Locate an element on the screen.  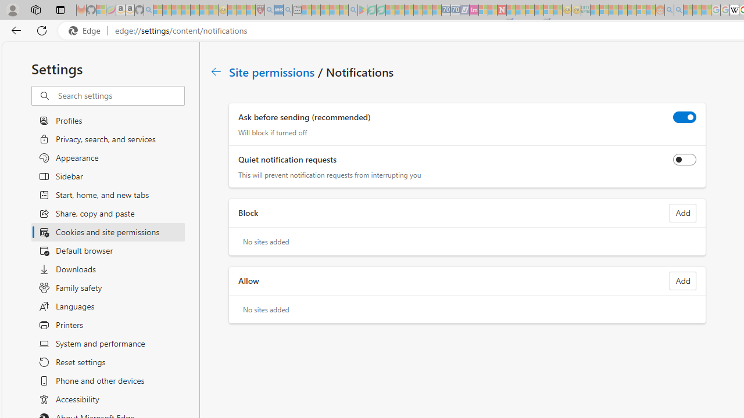
'The Weather Channel - MSN - Sleeping' is located at coordinates (176, 10).